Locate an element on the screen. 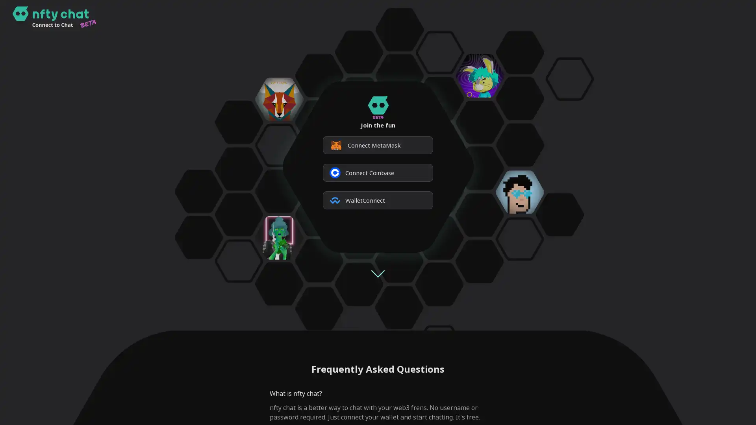  Coinbase Wallet Connect Coinbase is located at coordinates (378, 172).